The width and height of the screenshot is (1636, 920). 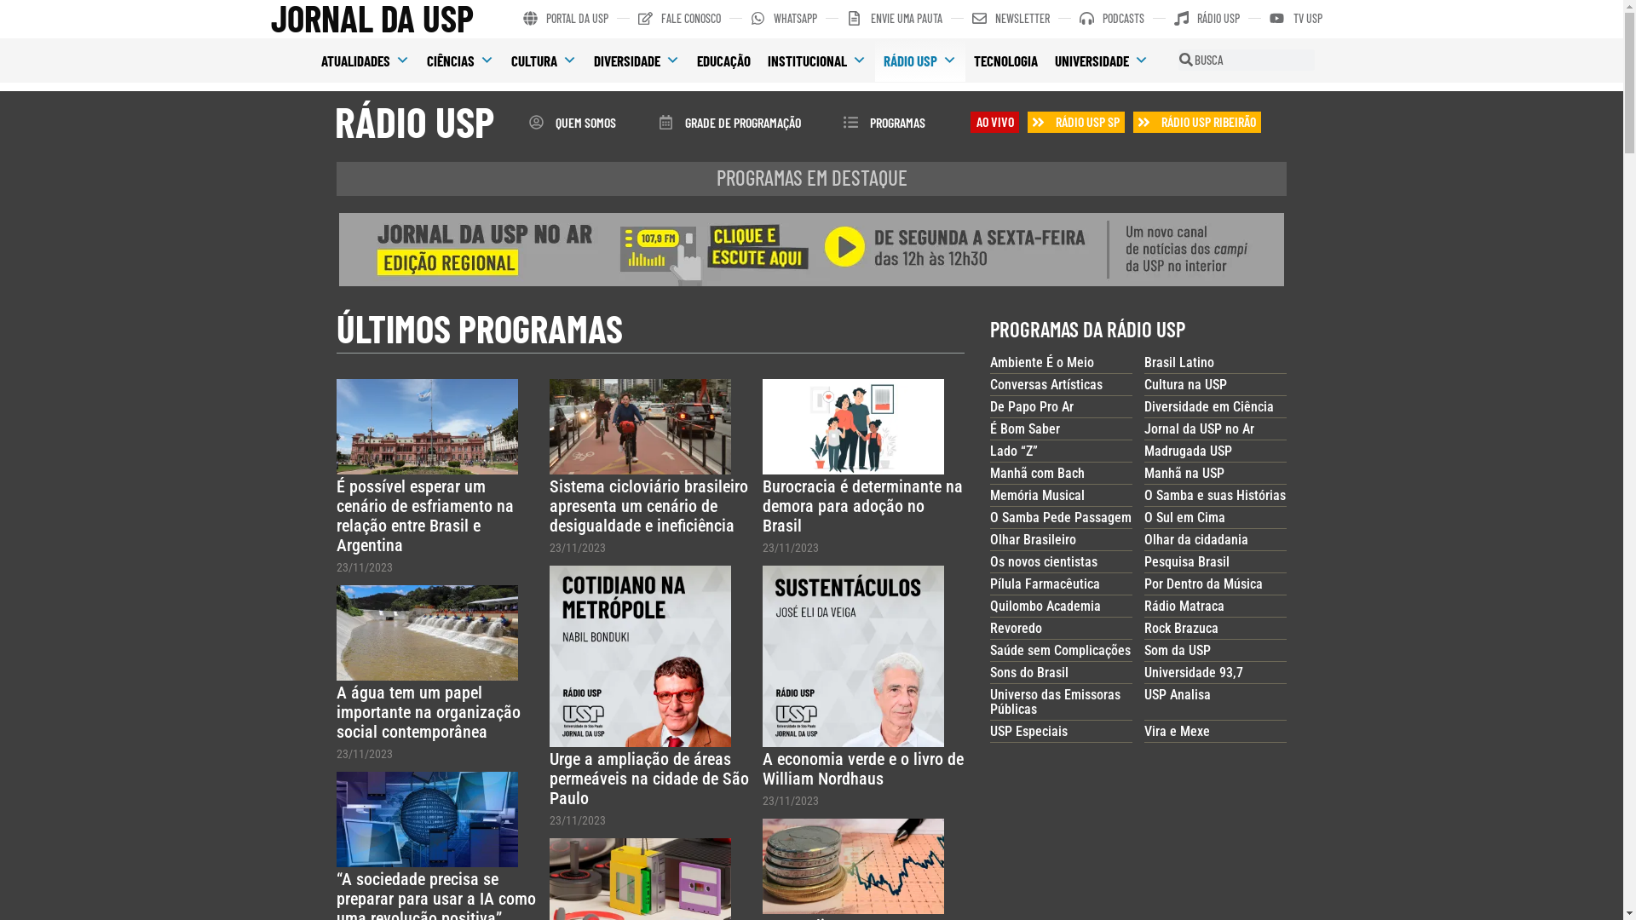 What do you see at coordinates (1177, 650) in the screenshot?
I see `'Som da USP'` at bounding box center [1177, 650].